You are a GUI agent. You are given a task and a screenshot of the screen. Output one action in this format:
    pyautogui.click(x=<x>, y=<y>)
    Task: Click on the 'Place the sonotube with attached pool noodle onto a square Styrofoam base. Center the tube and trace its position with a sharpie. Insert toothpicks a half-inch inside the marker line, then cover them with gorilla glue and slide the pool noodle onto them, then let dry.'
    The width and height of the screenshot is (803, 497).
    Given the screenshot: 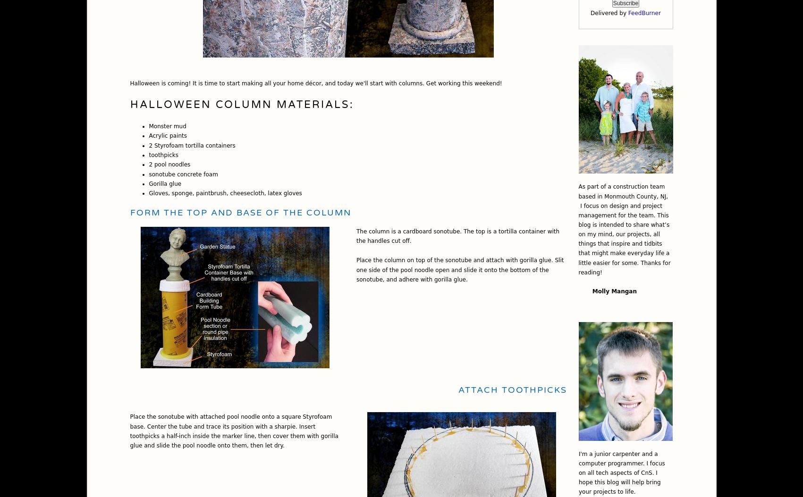 What is the action you would take?
    pyautogui.click(x=234, y=431)
    